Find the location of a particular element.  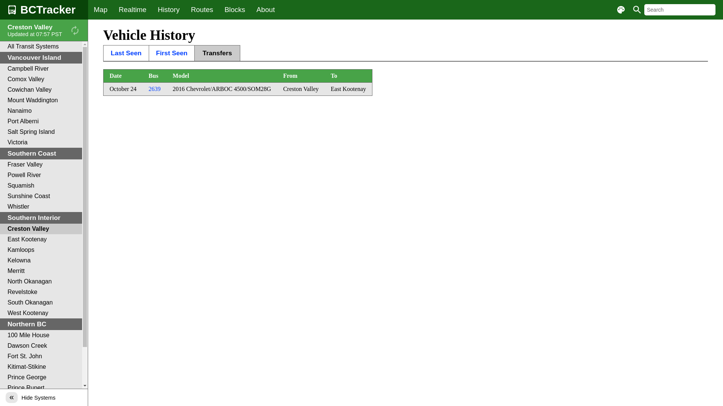

'Comox Valley' is located at coordinates (0, 79).